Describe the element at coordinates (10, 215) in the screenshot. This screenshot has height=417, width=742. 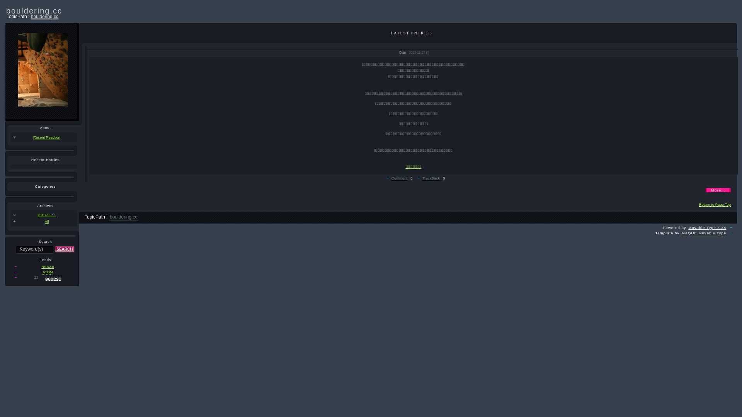
I see `'2013-11 : 1'` at that location.